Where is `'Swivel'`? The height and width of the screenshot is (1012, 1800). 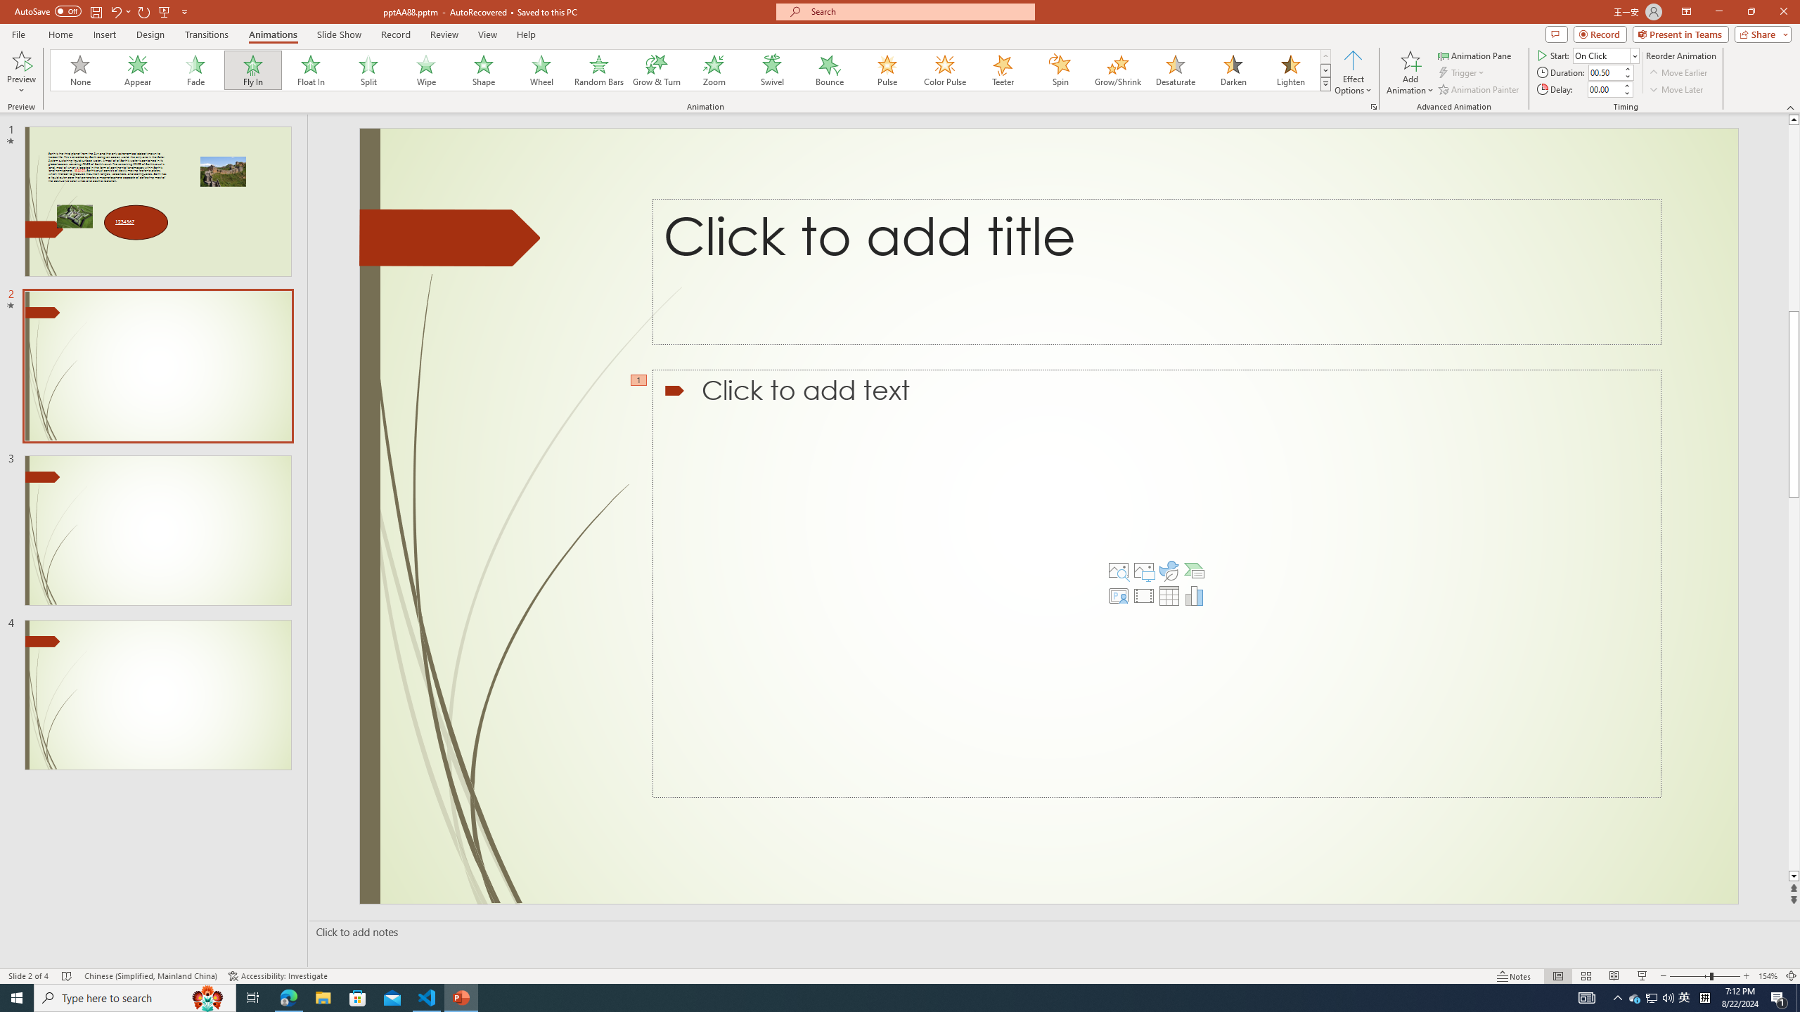 'Swivel' is located at coordinates (771, 70).